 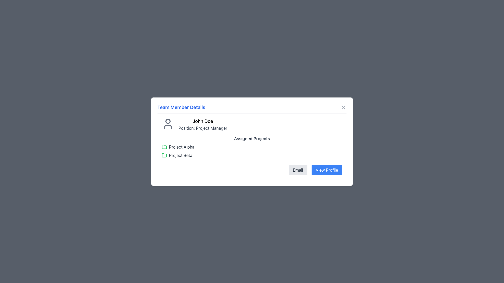 I want to click on the green folder icon representing 'Project Alpha', so click(x=164, y=146).